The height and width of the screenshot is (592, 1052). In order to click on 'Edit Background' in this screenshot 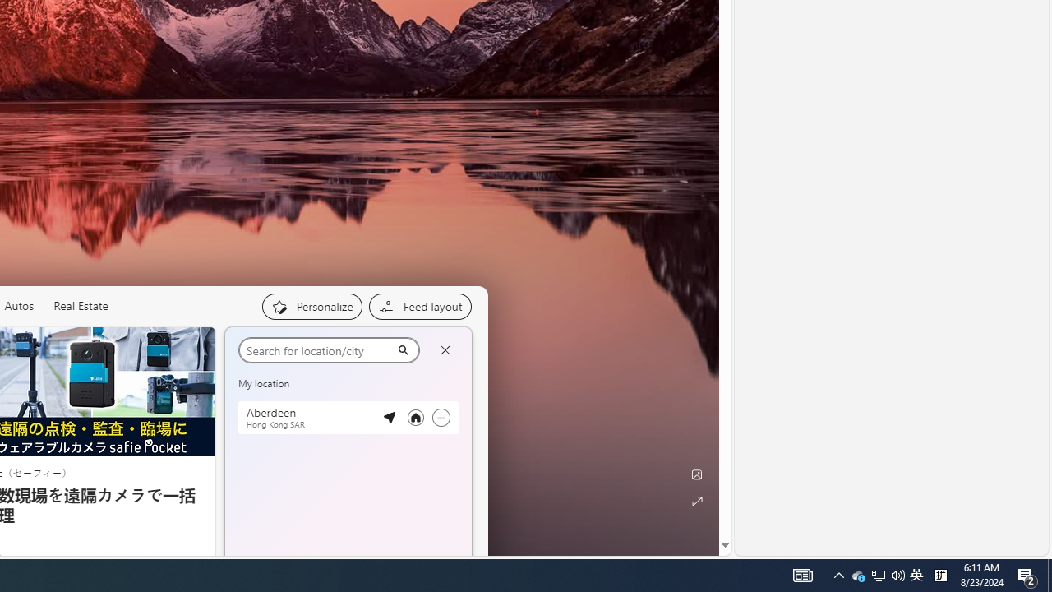, I will do `click(697, 474)`.